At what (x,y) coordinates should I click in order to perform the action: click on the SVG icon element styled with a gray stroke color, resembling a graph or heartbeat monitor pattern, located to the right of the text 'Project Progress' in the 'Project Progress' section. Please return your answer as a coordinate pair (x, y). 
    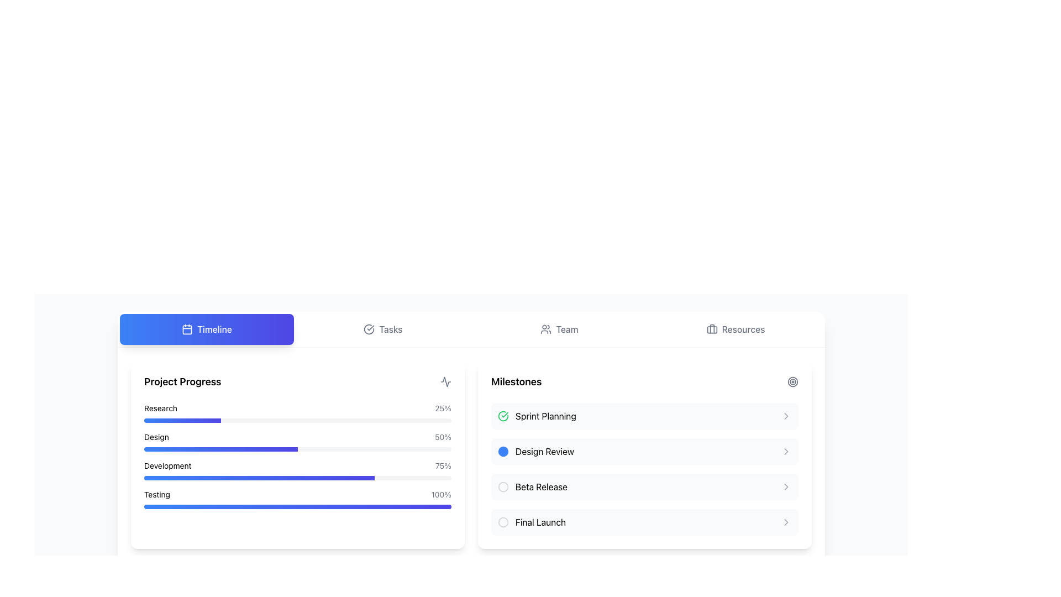
    Looking at the image, I should click on (445, 381).